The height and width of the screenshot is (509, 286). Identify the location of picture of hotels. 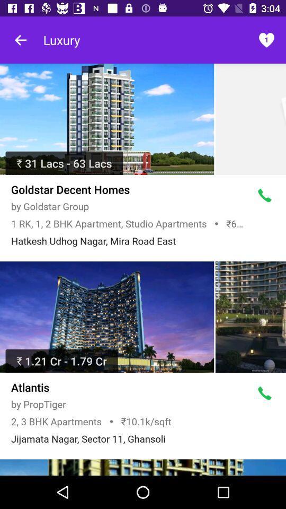
(250, 317).